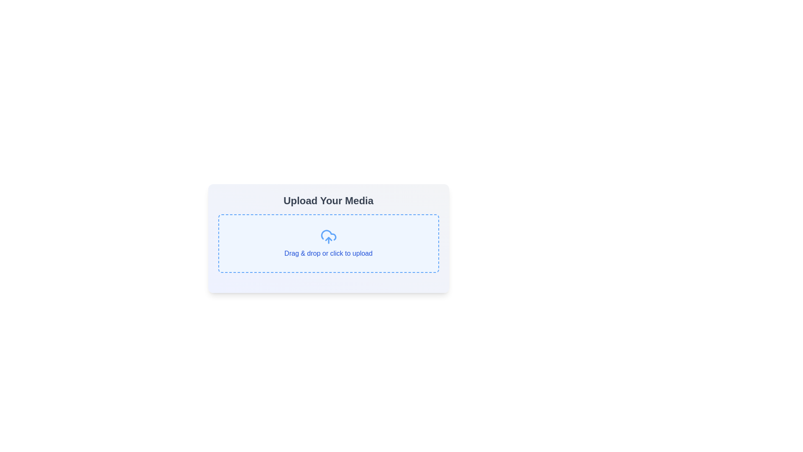 The height and width of the screenshot is (452, 803). Describe the element at coordinates (328, 253) in the screenshot. I see `the text label reading 'Drag & drop or click to upload', which is styled in blue and located within a light blue box with dashed borders` at that location.